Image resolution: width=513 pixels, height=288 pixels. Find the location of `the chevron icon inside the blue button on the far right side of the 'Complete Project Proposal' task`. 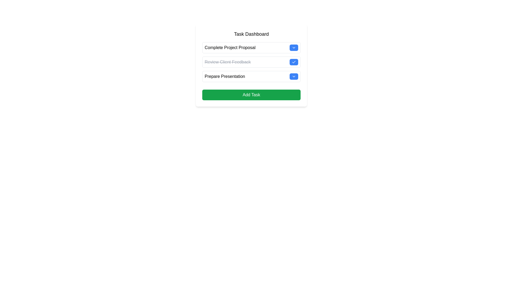

the chevron icon inside the blue button on the far right side of the 'Complete Project Proposal' task is located at coordinates (293, 47).